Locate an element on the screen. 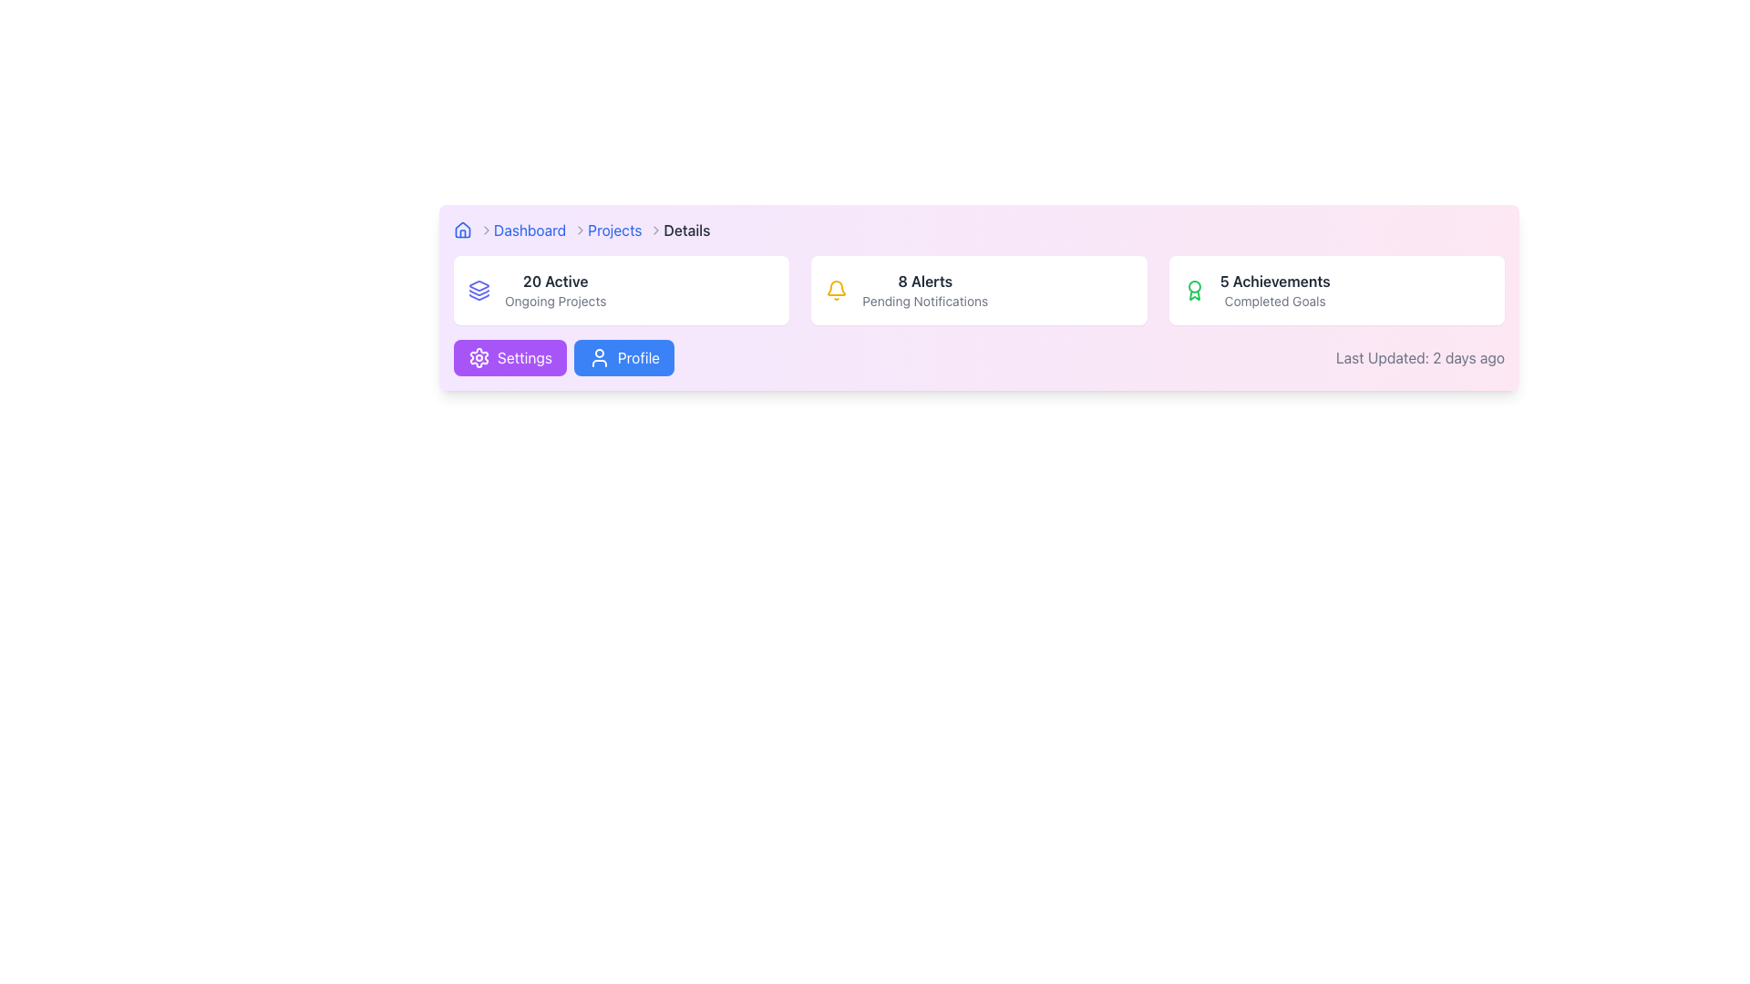 This screenshot has height=984, width=1750. the Hyperlink text that directs users to the 'Dashboard' section in the breadcrumb navigation interface is located at coordinates (529, 230).